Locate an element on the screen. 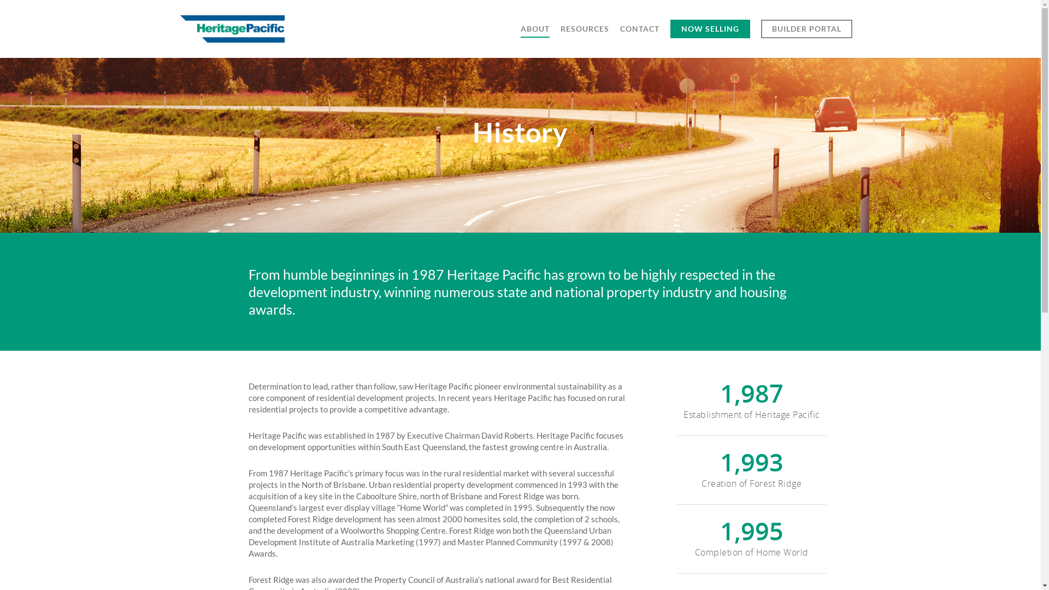  'ABOUT' is located at coordinates (535, 36).